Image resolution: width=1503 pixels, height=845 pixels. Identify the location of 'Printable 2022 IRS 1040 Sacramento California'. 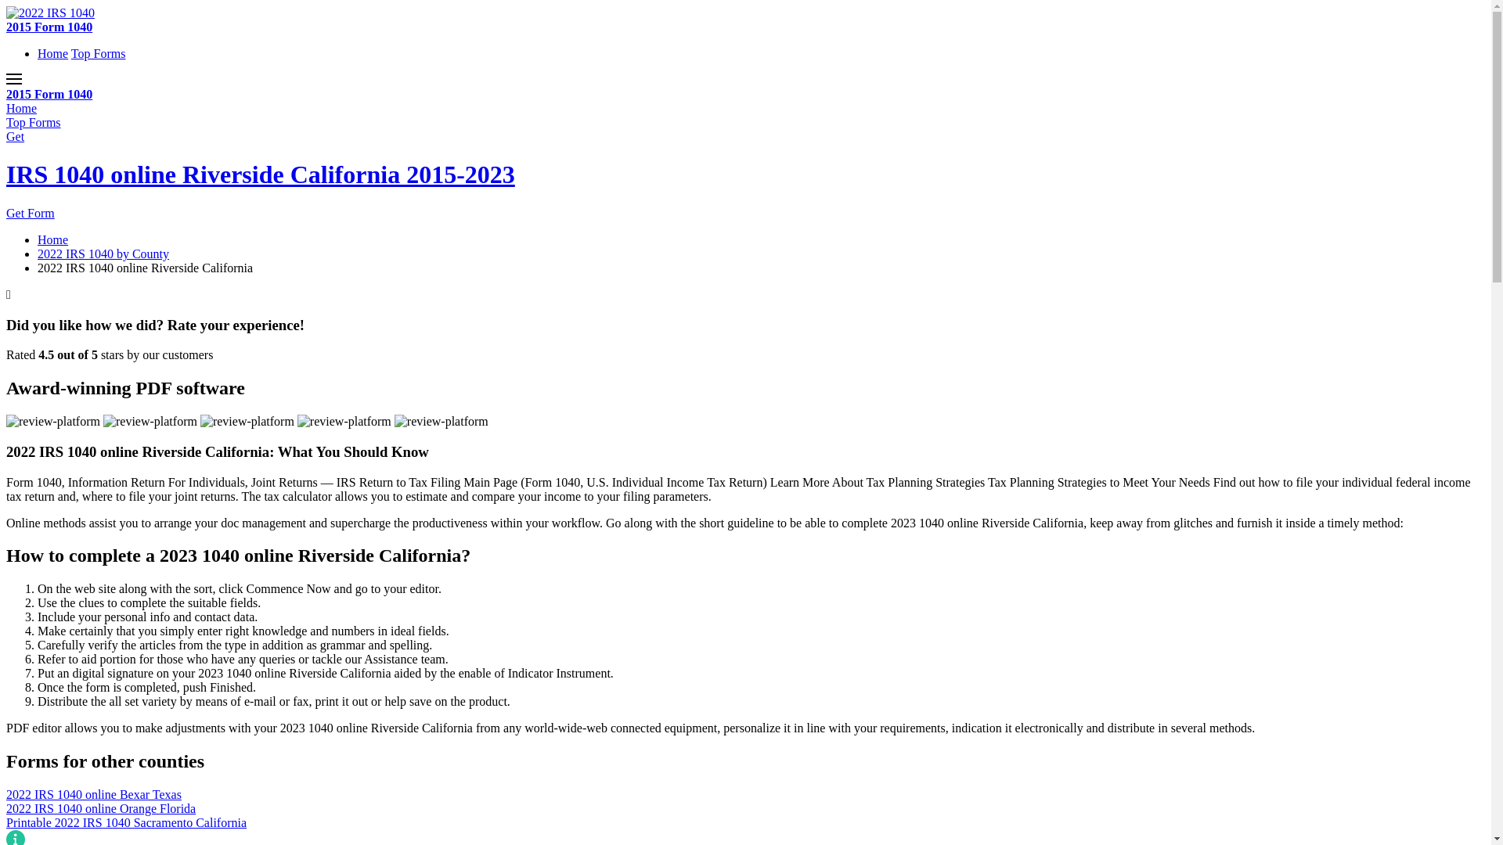
(744, 822).